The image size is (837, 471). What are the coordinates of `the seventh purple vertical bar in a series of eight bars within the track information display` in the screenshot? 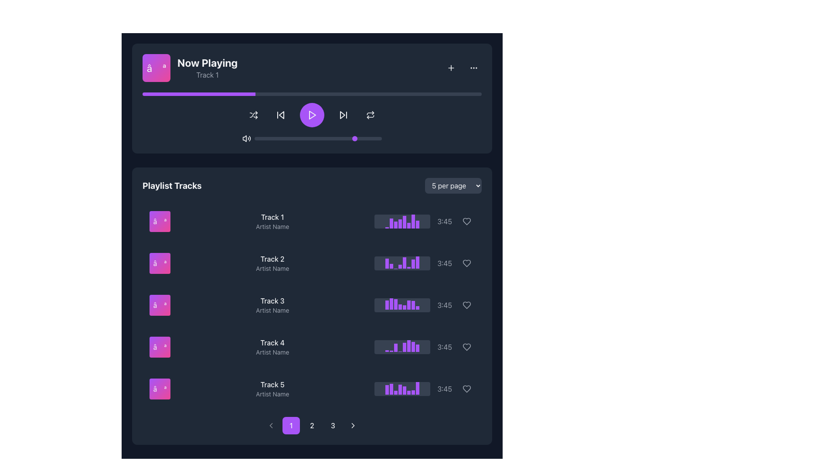 It's located at (413, 221).